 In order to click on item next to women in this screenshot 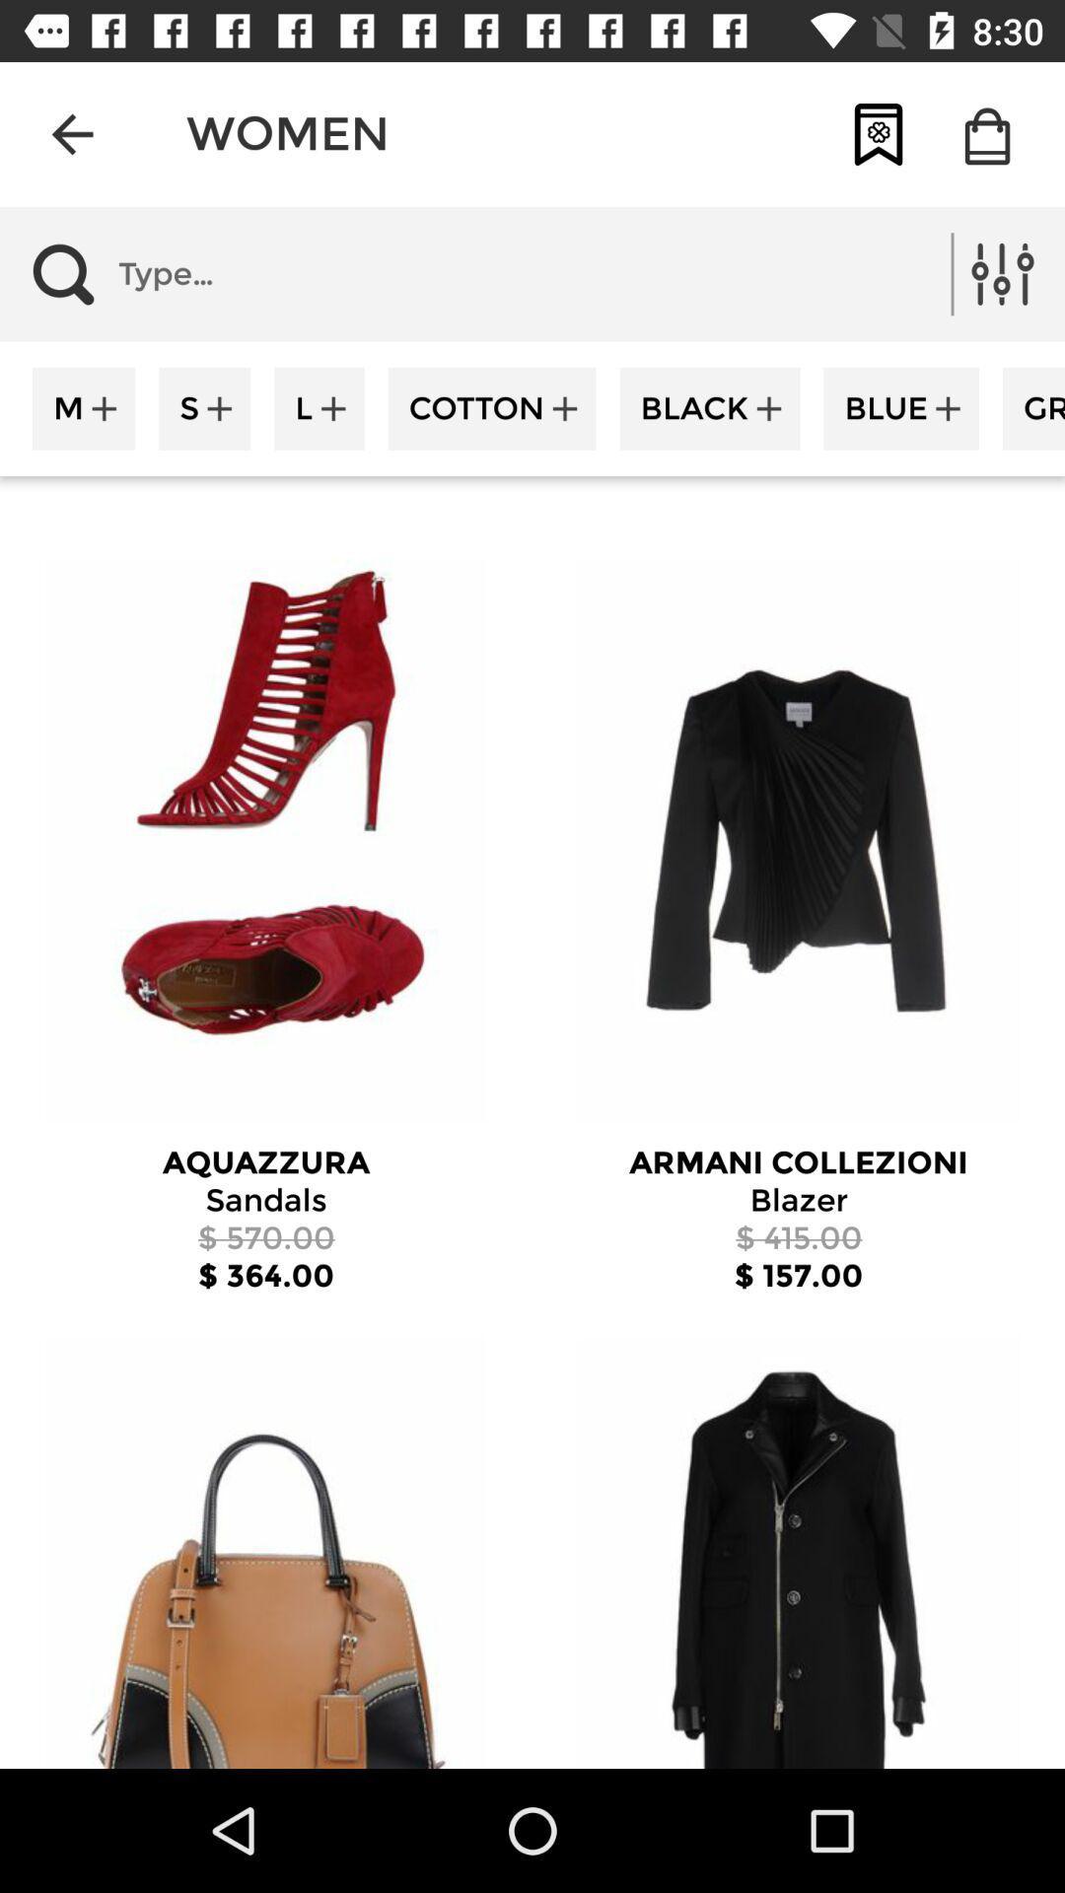, I will do `click(878, 133)`.